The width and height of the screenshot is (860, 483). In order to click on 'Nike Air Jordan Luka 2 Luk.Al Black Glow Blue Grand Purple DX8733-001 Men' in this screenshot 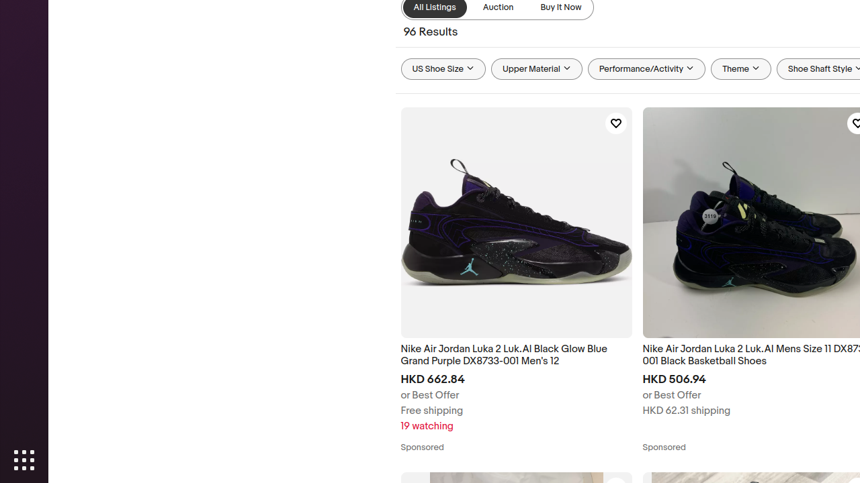, I will do `click(515, 355)`.